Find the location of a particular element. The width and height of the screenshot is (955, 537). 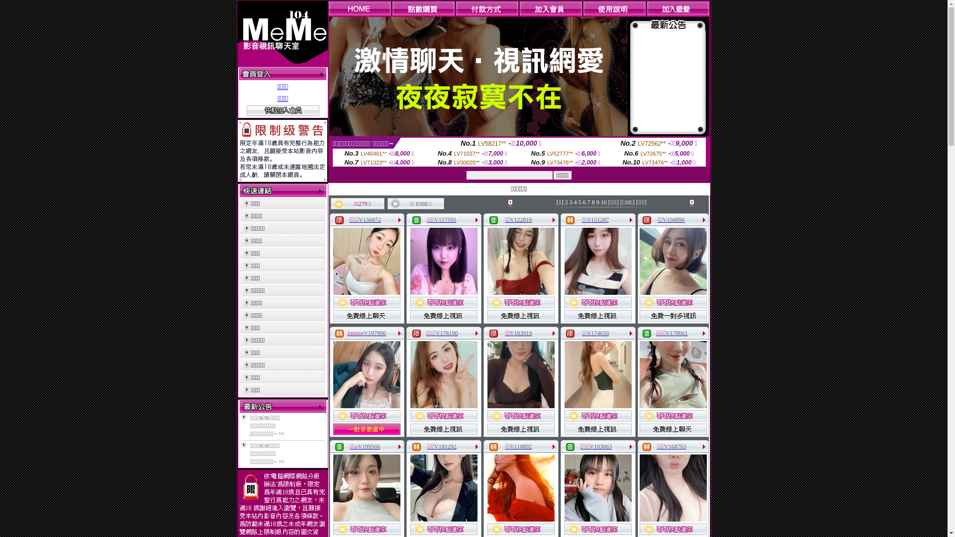

'V151287' is located at coordinates (597, 219).